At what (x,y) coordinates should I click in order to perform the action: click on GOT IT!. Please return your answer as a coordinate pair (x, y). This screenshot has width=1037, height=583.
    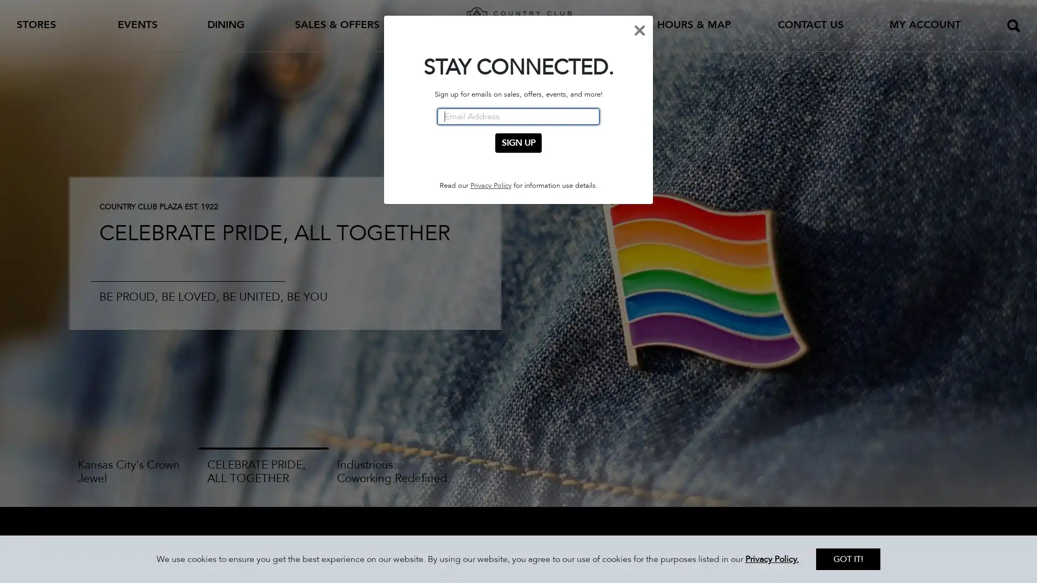
    Looking at the image, I should click on (847, 559).